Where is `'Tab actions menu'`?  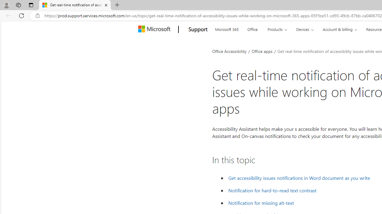
'Tab actions menu' is located at coordinates (31, 5).